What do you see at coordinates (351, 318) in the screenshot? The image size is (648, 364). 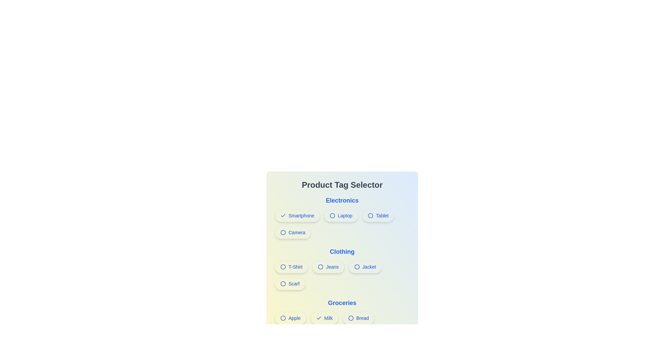 I see `the circular outline representing the selection state for the 'Bread' option in the 'Groceries' category` at bounding box center [351, 318].